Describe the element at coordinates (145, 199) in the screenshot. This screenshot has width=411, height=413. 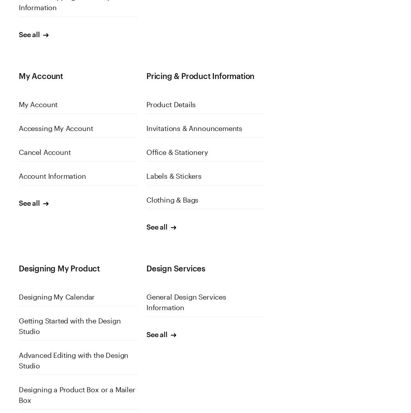
I see `'Clothing & Bags'` at that location.